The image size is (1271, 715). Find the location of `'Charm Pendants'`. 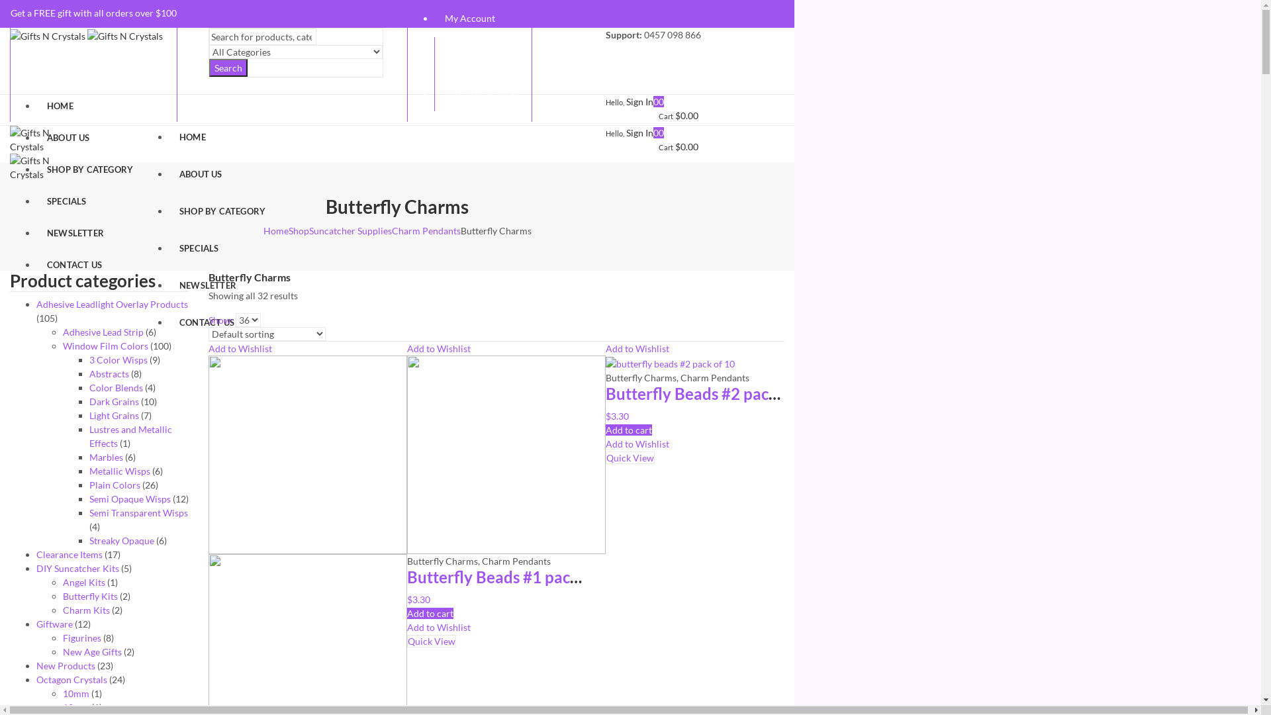

'Charm Pendants' is located at coordinates (426, 230).